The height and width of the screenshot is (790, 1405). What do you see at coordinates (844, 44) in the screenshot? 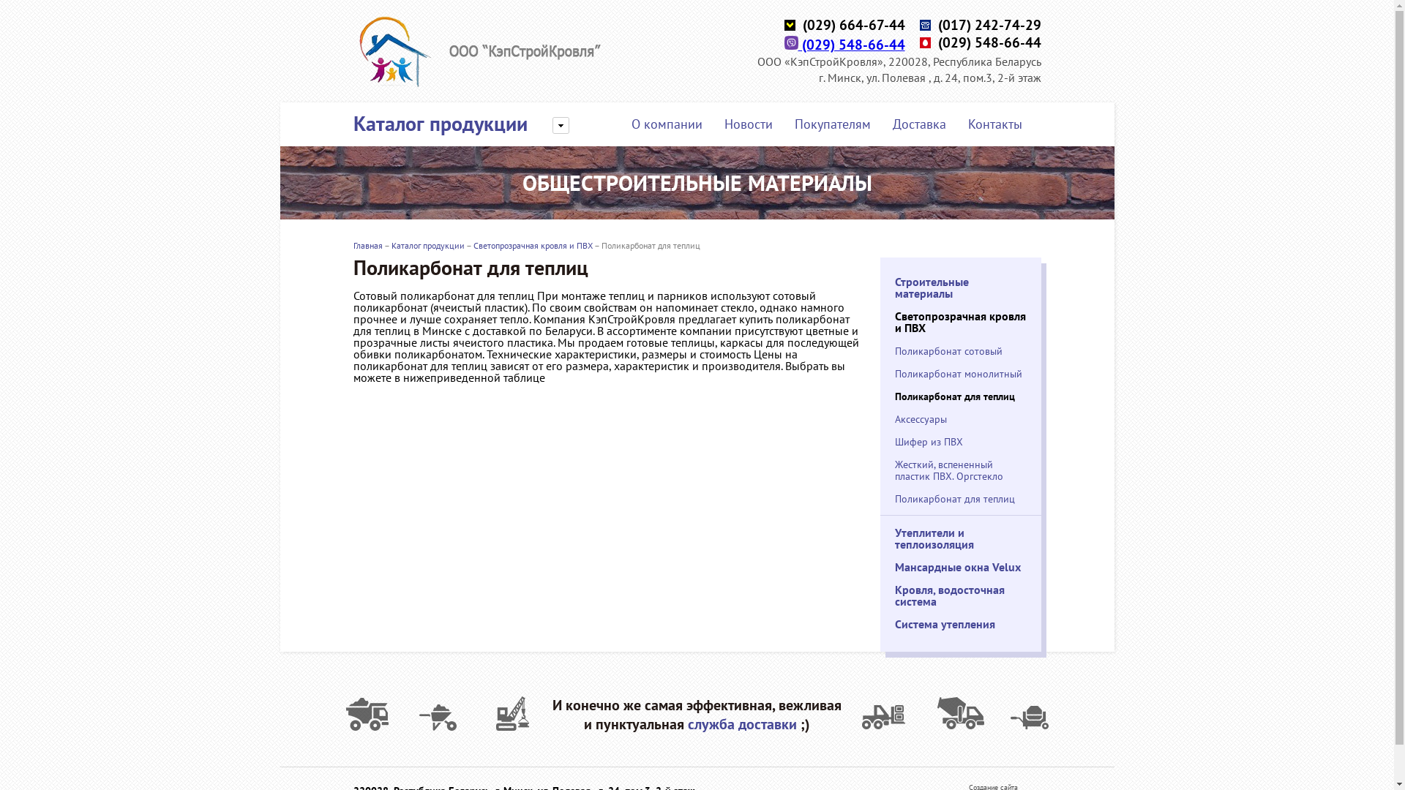
I see `'(029) 548-66-44'` at bounding box center [844, 44].